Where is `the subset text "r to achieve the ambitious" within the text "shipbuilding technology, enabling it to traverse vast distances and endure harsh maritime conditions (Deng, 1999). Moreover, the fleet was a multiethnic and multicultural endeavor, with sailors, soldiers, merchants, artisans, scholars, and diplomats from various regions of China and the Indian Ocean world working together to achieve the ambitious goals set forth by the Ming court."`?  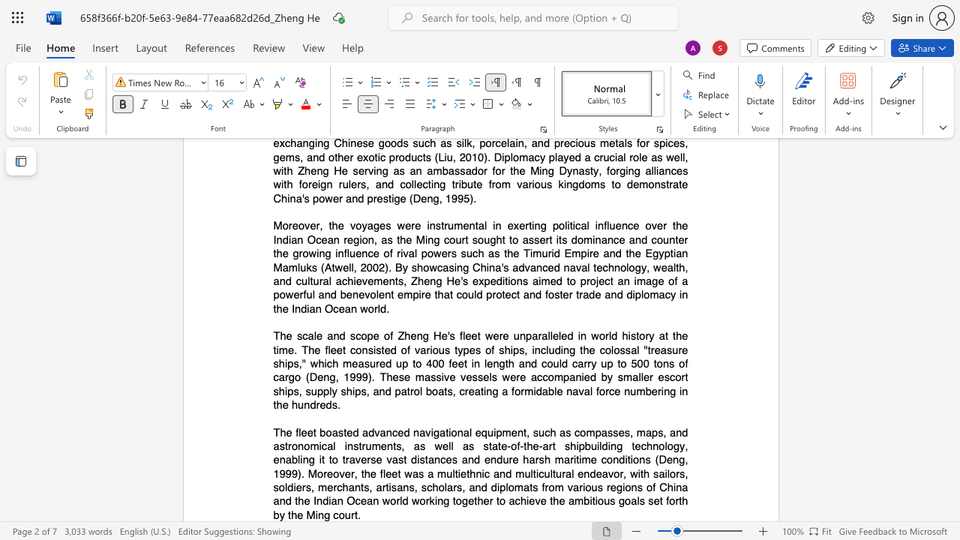
the subset text "r to achieve the ambitious" within the text "shipbuilding technology, enabling it to traverse vast distances and endure harsh maritime conditions (Deng, 1999). Moreover, the fleet was a multiethnic and multicultural endeavor, with sailors, soldiers, merchants, artisans, scholars, and diplomats from various regions of China and the Indian Ocean world working together to achieve the ambitious goals set forth by the Ming court." is located at coordinates (489, 501).